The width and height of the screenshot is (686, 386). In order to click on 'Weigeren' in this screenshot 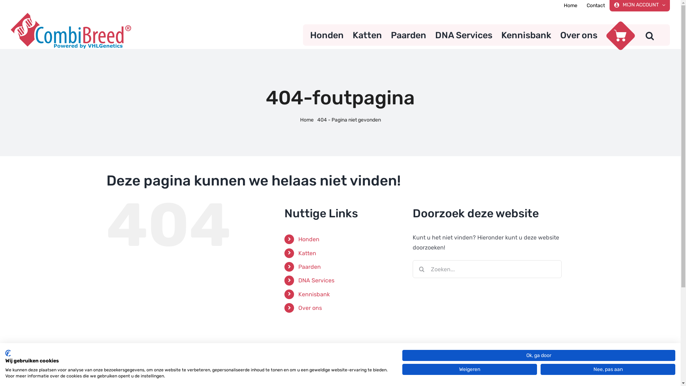, I will do `click(469, 369)`.